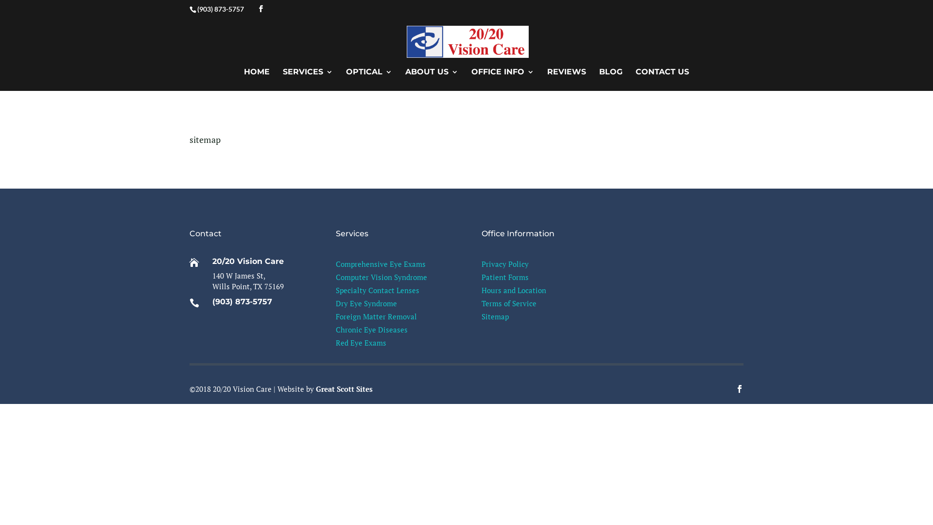 Image resolution: width=933 pixels, height=525 pixels. Describe the element at coordinates (505, 264) in the screenshot. I see `'Privacy Policy'` at that location.